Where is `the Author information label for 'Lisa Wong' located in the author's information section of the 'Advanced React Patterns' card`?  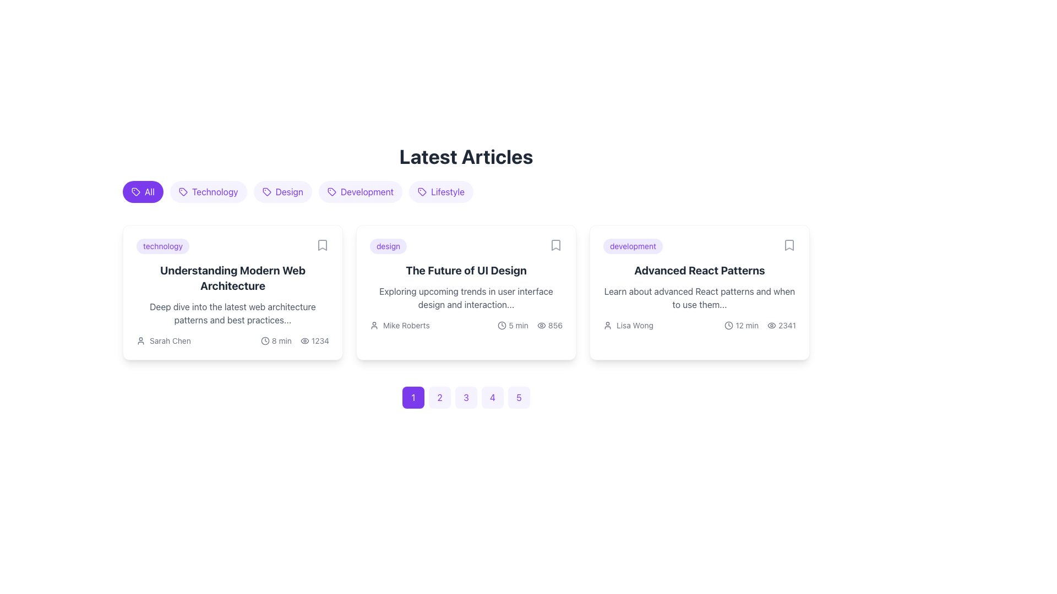 the Author information label for 'Lisa Wong' located in the author's information section of the 'Advanced React Patterns' card is located at coordinates (628, 324).